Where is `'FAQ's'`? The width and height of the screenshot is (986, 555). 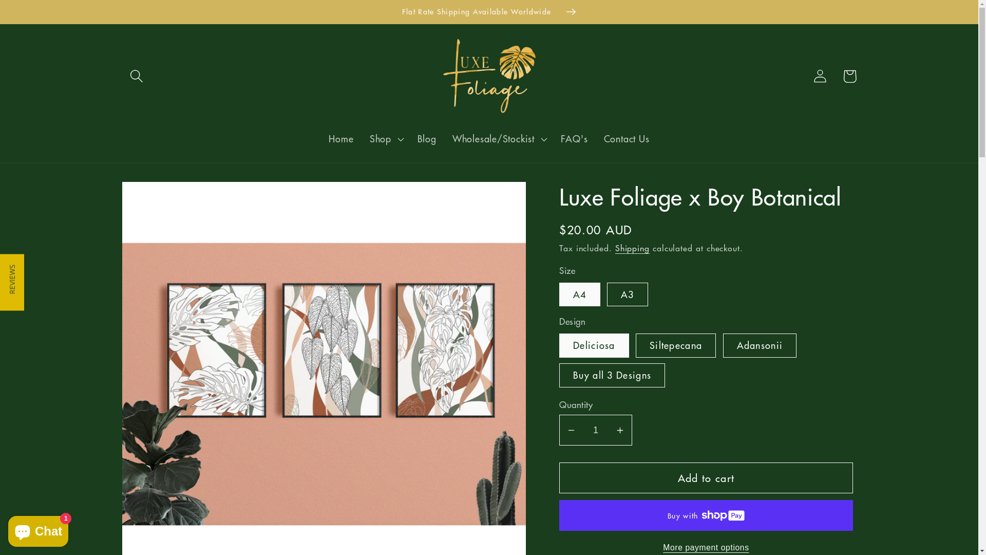
'FAQ's' is located at coordinates (574, 139).